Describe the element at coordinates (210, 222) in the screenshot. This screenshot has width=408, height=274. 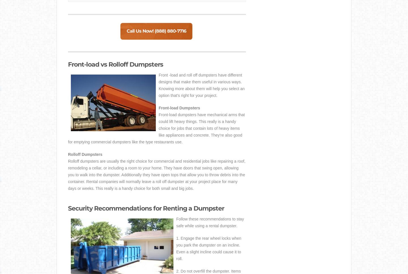
I see `'Follow these recommendations to stay safe while using a rental dumpster.'` at that location.